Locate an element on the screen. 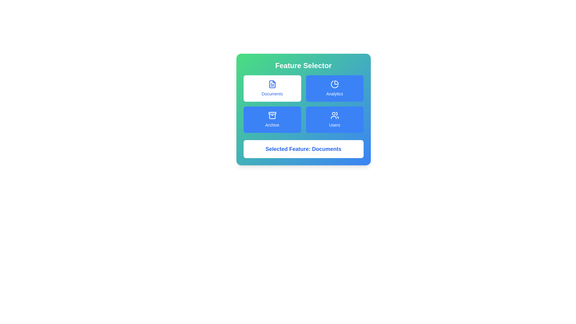 The width and height of the screenshot is (576, 324). the 'Users' feature selector button, which has a blue background and is located in the lower-right of a 2x2 grid layout is located at coordinates (334, 115).